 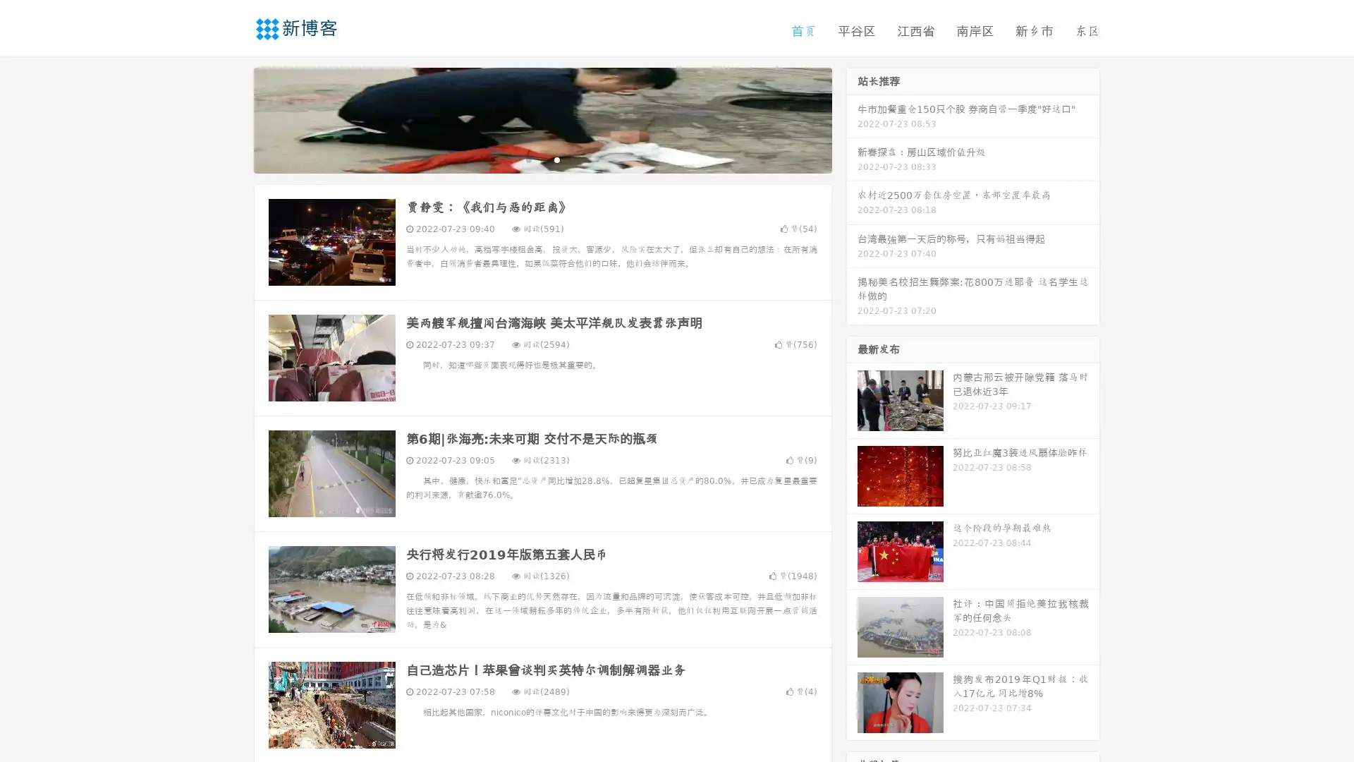 I want to click on Next slide, so click(x=852, y=119).